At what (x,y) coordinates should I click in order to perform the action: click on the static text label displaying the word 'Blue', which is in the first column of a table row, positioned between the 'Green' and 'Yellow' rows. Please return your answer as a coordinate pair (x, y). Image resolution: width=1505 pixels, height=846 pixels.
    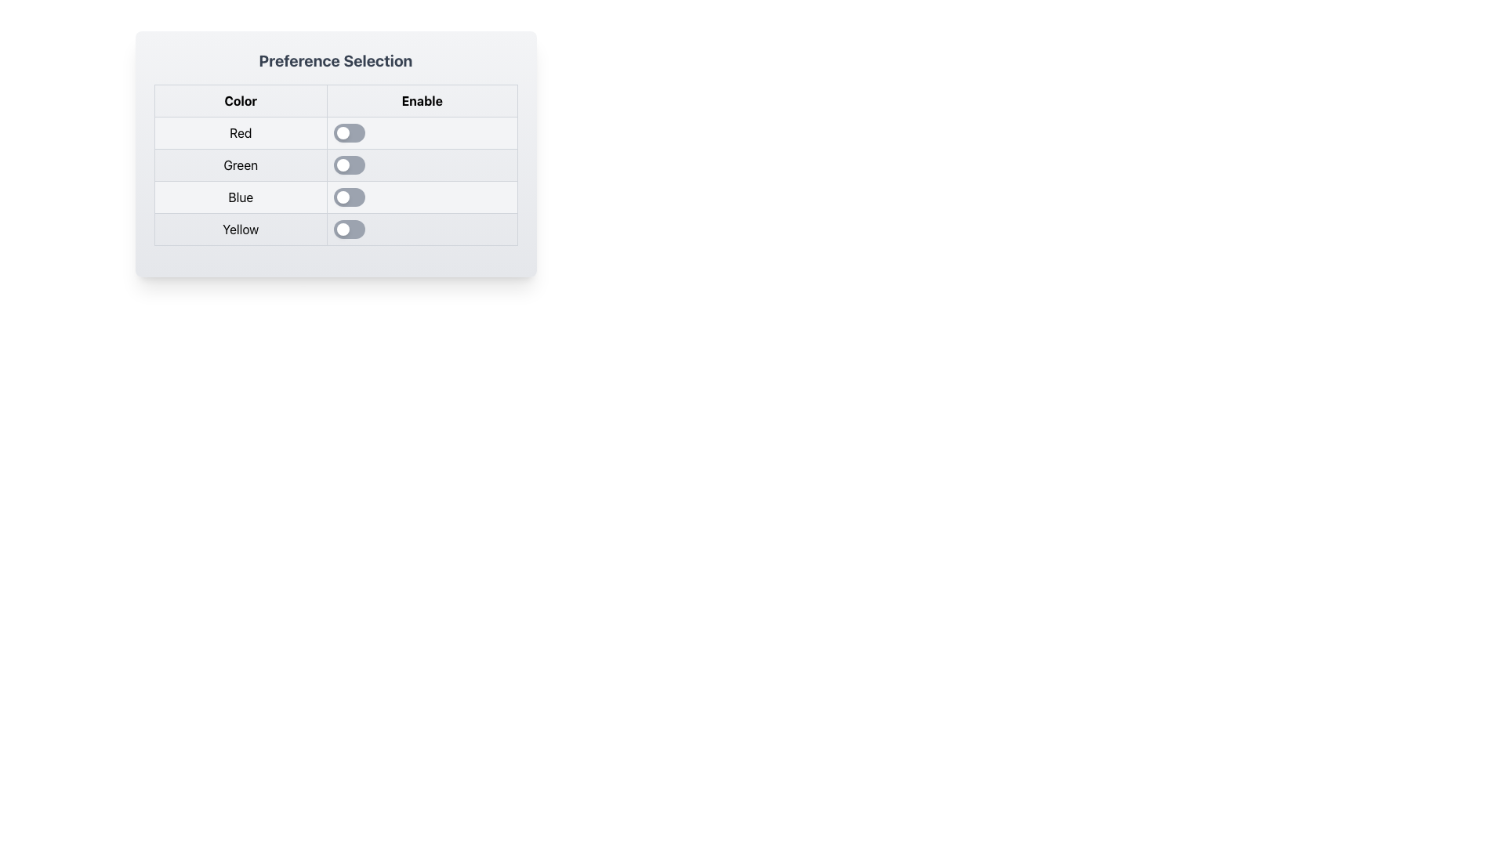
    Looking at the image, I should click on (240, 196).